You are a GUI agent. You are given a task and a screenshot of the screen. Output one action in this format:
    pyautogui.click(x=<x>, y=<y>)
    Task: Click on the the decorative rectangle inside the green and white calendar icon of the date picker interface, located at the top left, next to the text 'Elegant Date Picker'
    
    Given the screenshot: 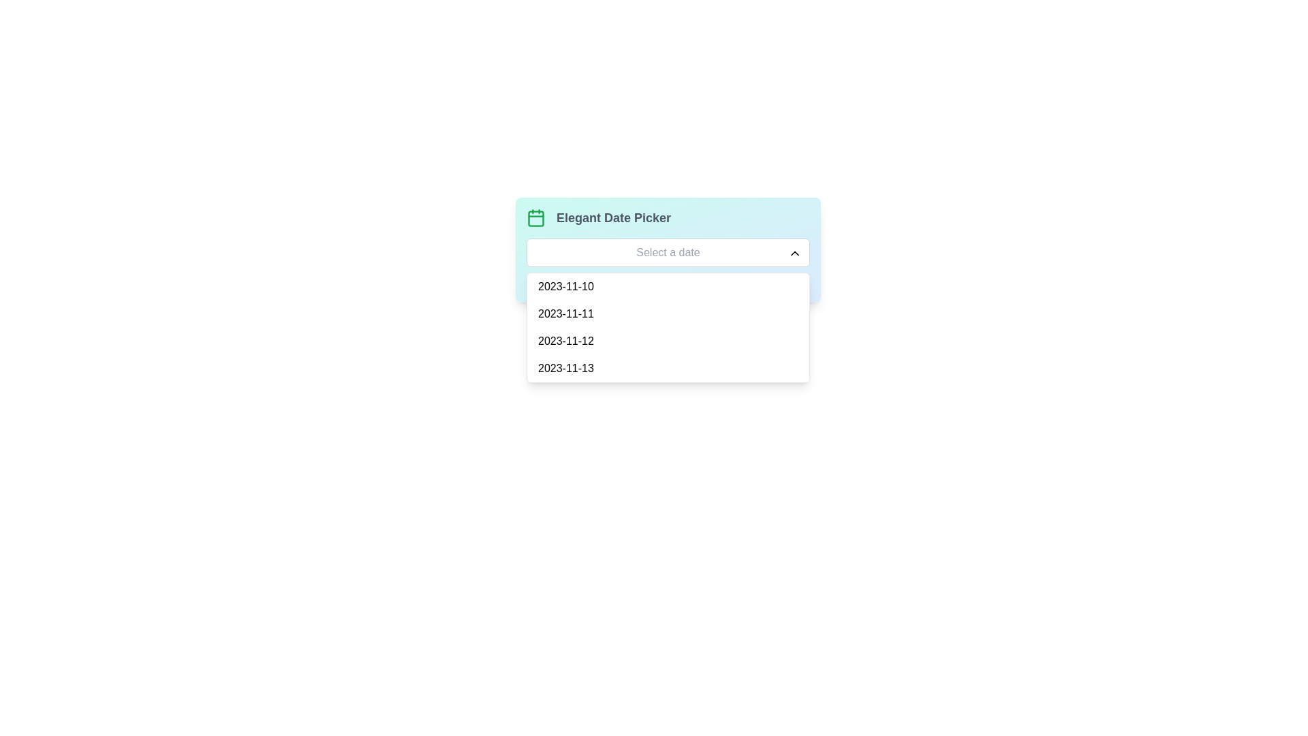 What is the action you would take?
    pyautogui.click(x=535, y=217)
    